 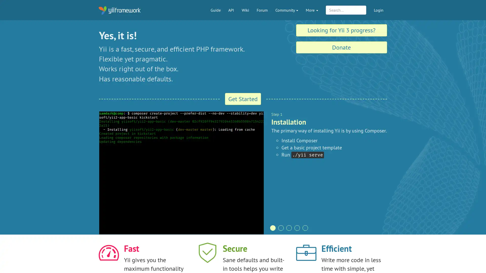 I want to click on pagination, so click(x=273, y=228).